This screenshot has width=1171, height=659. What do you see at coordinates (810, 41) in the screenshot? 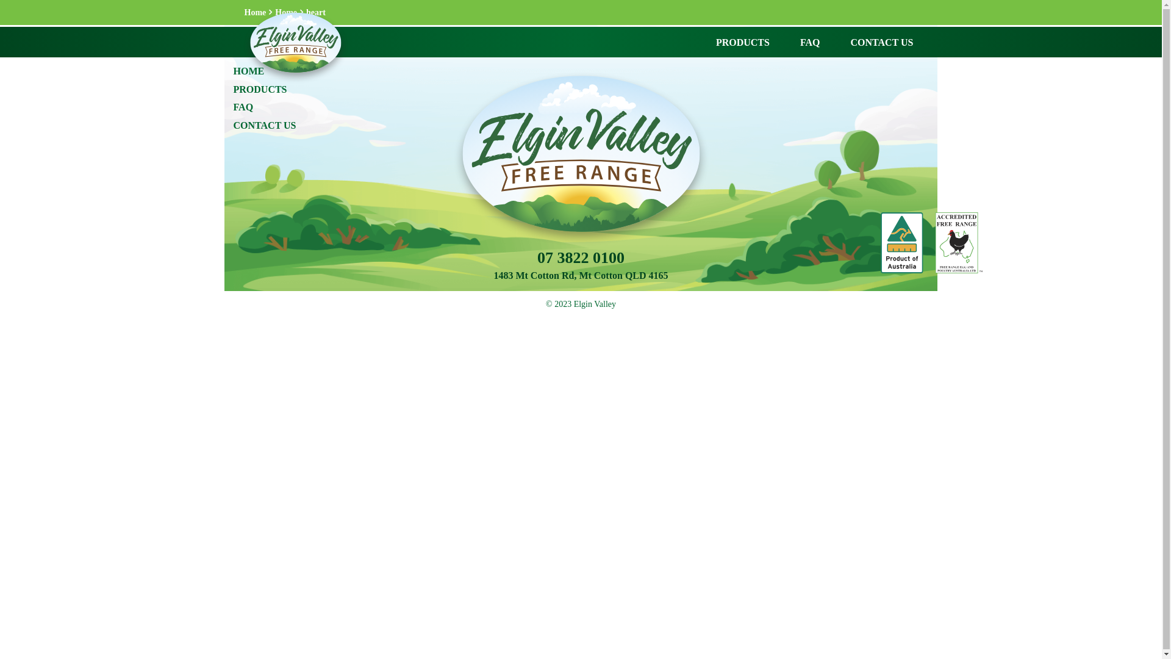
I see `'FAQ'` at bounding box center [810, 41].